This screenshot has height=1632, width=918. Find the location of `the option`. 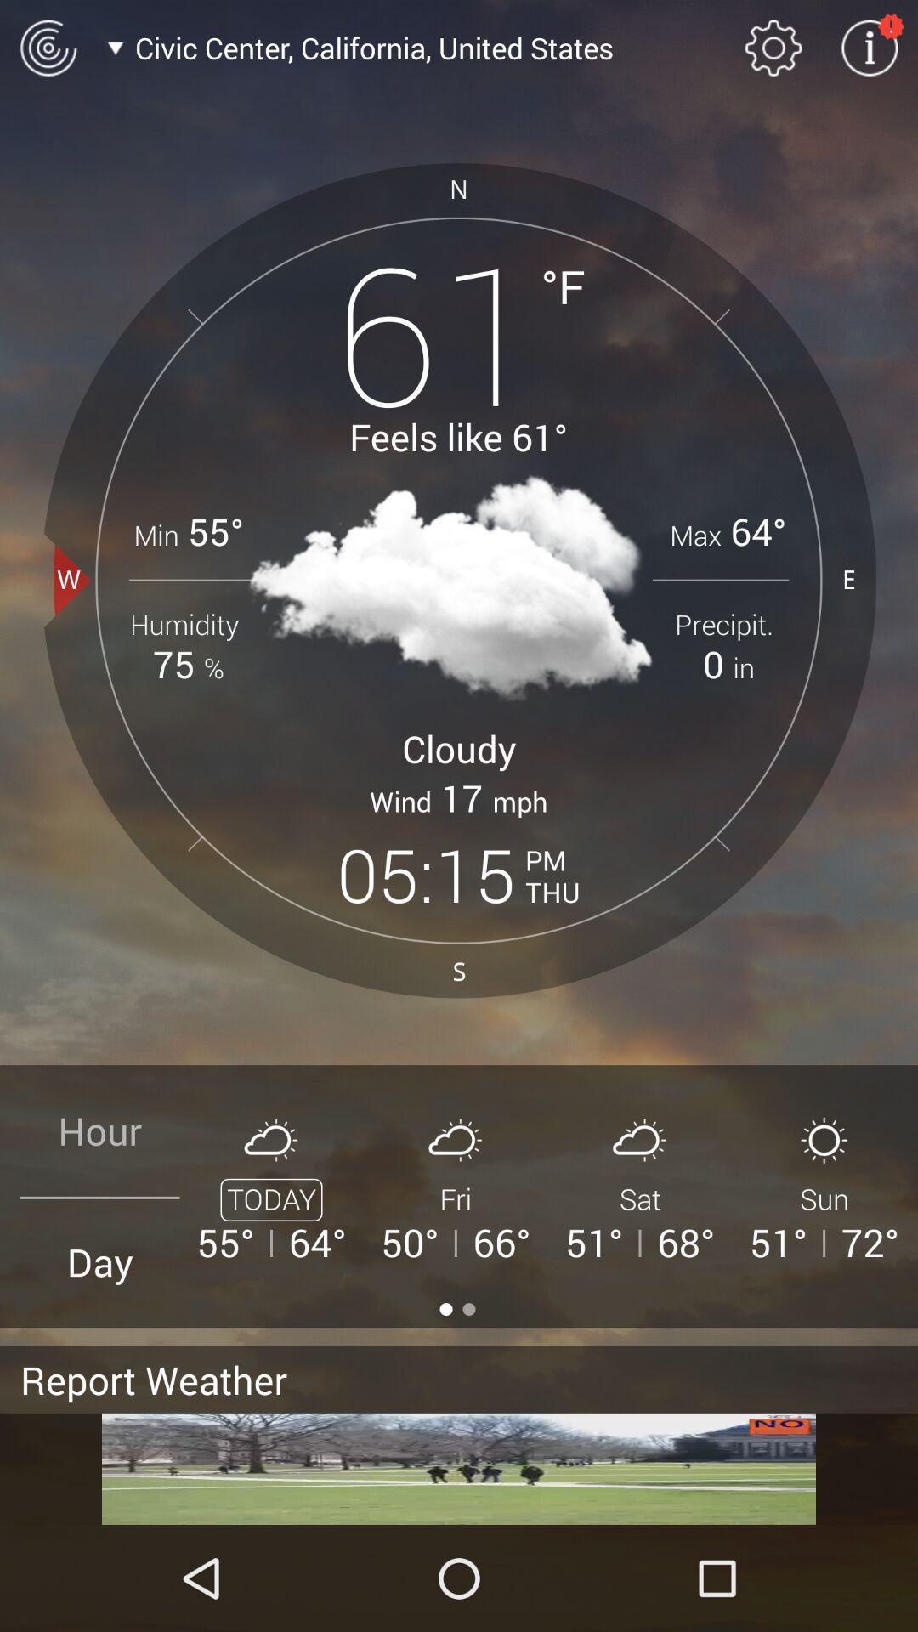

the option is located at coordinates (459, 1468).